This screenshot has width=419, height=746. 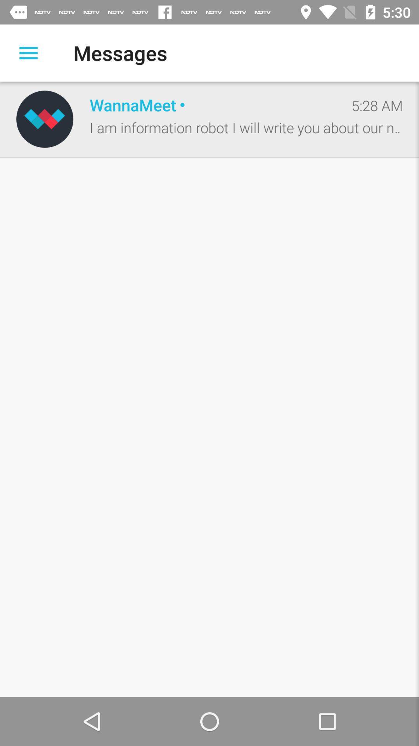 What do you see at coordinates (212, 104) in the screenshot?
I see `wannameet   icon` at bounding box center [212, 104].